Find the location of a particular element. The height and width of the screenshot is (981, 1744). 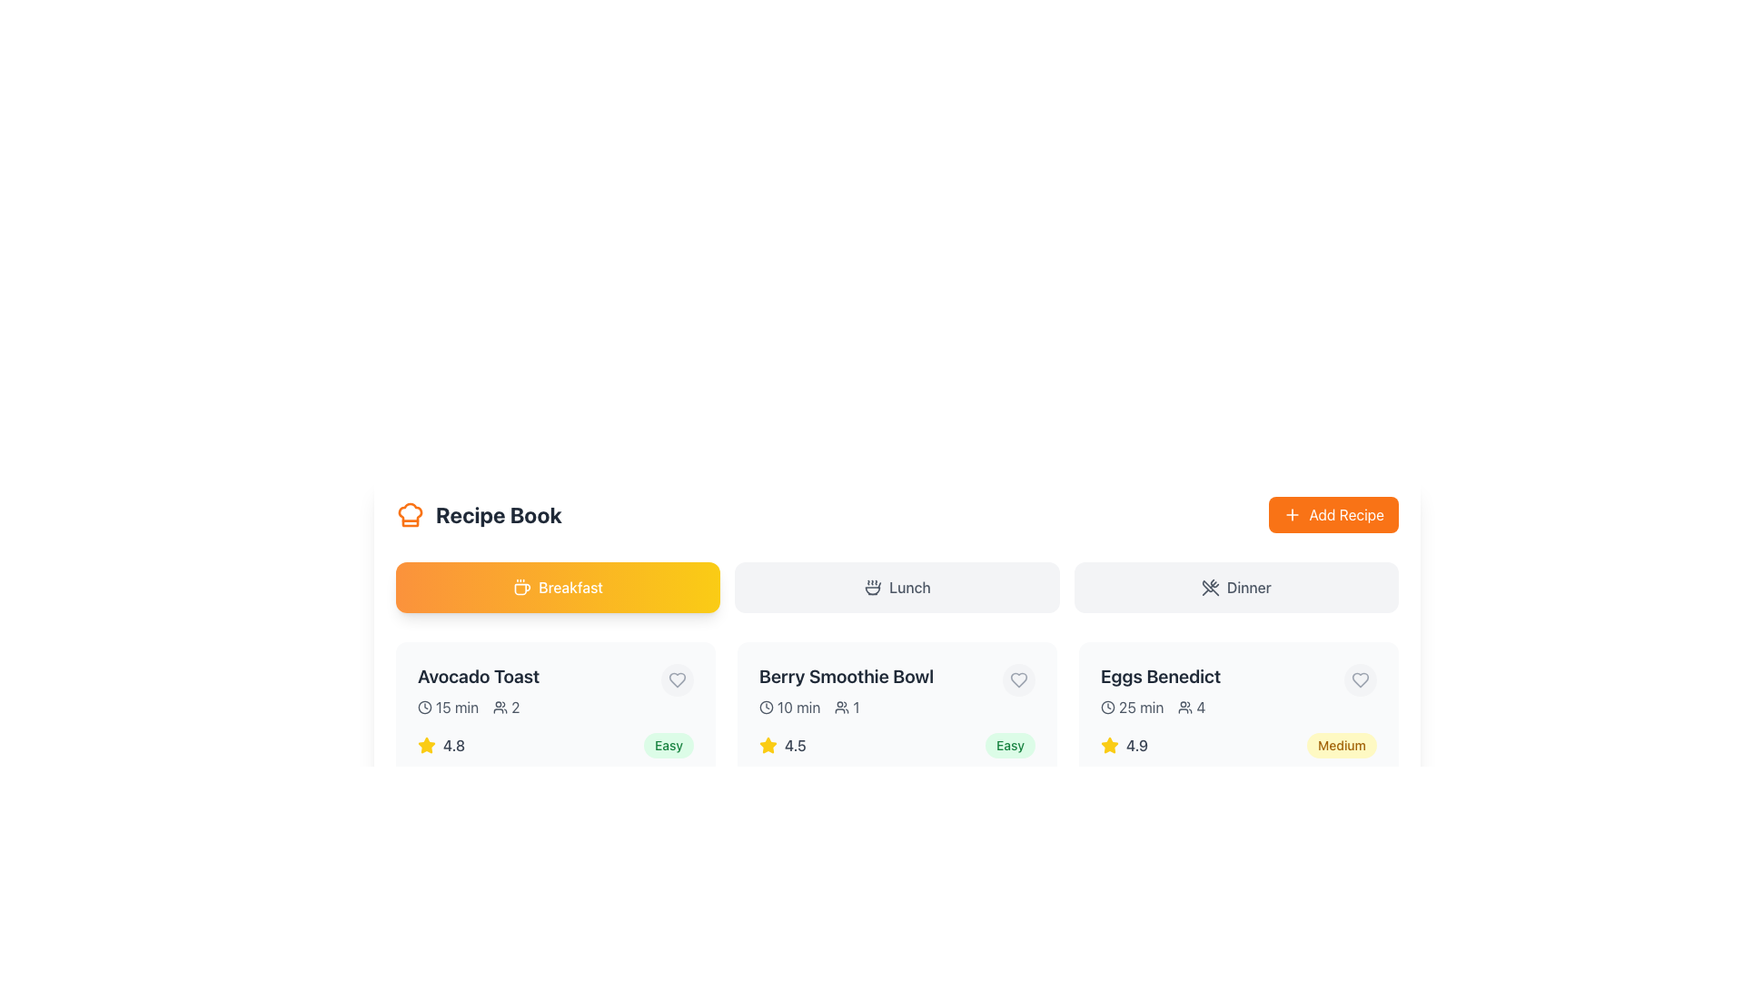

text label displaying '10 min' that indicates the cooking time associated with the 'Berry Smoothie Bowl' recipe is located at coordinates (798, 707).